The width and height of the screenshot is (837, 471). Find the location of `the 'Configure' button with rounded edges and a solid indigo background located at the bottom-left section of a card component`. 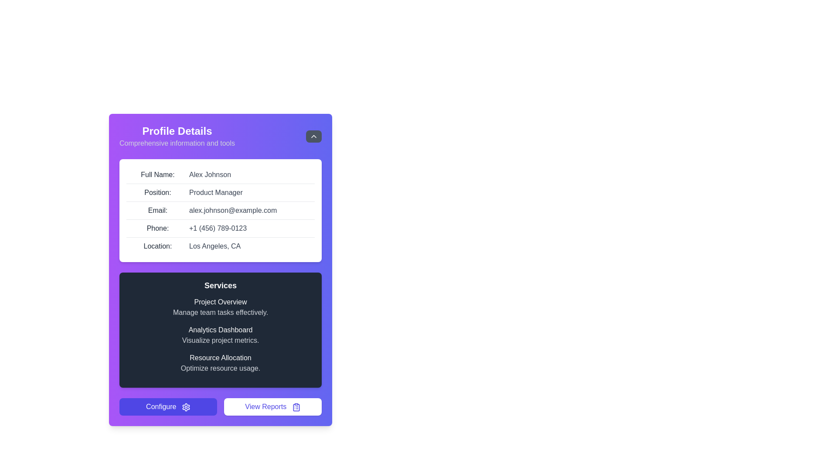

the 'Configure' button with rounded edges and a solid indigo background located at the bottom-left section of a card component is located at coordinates (168, 407).